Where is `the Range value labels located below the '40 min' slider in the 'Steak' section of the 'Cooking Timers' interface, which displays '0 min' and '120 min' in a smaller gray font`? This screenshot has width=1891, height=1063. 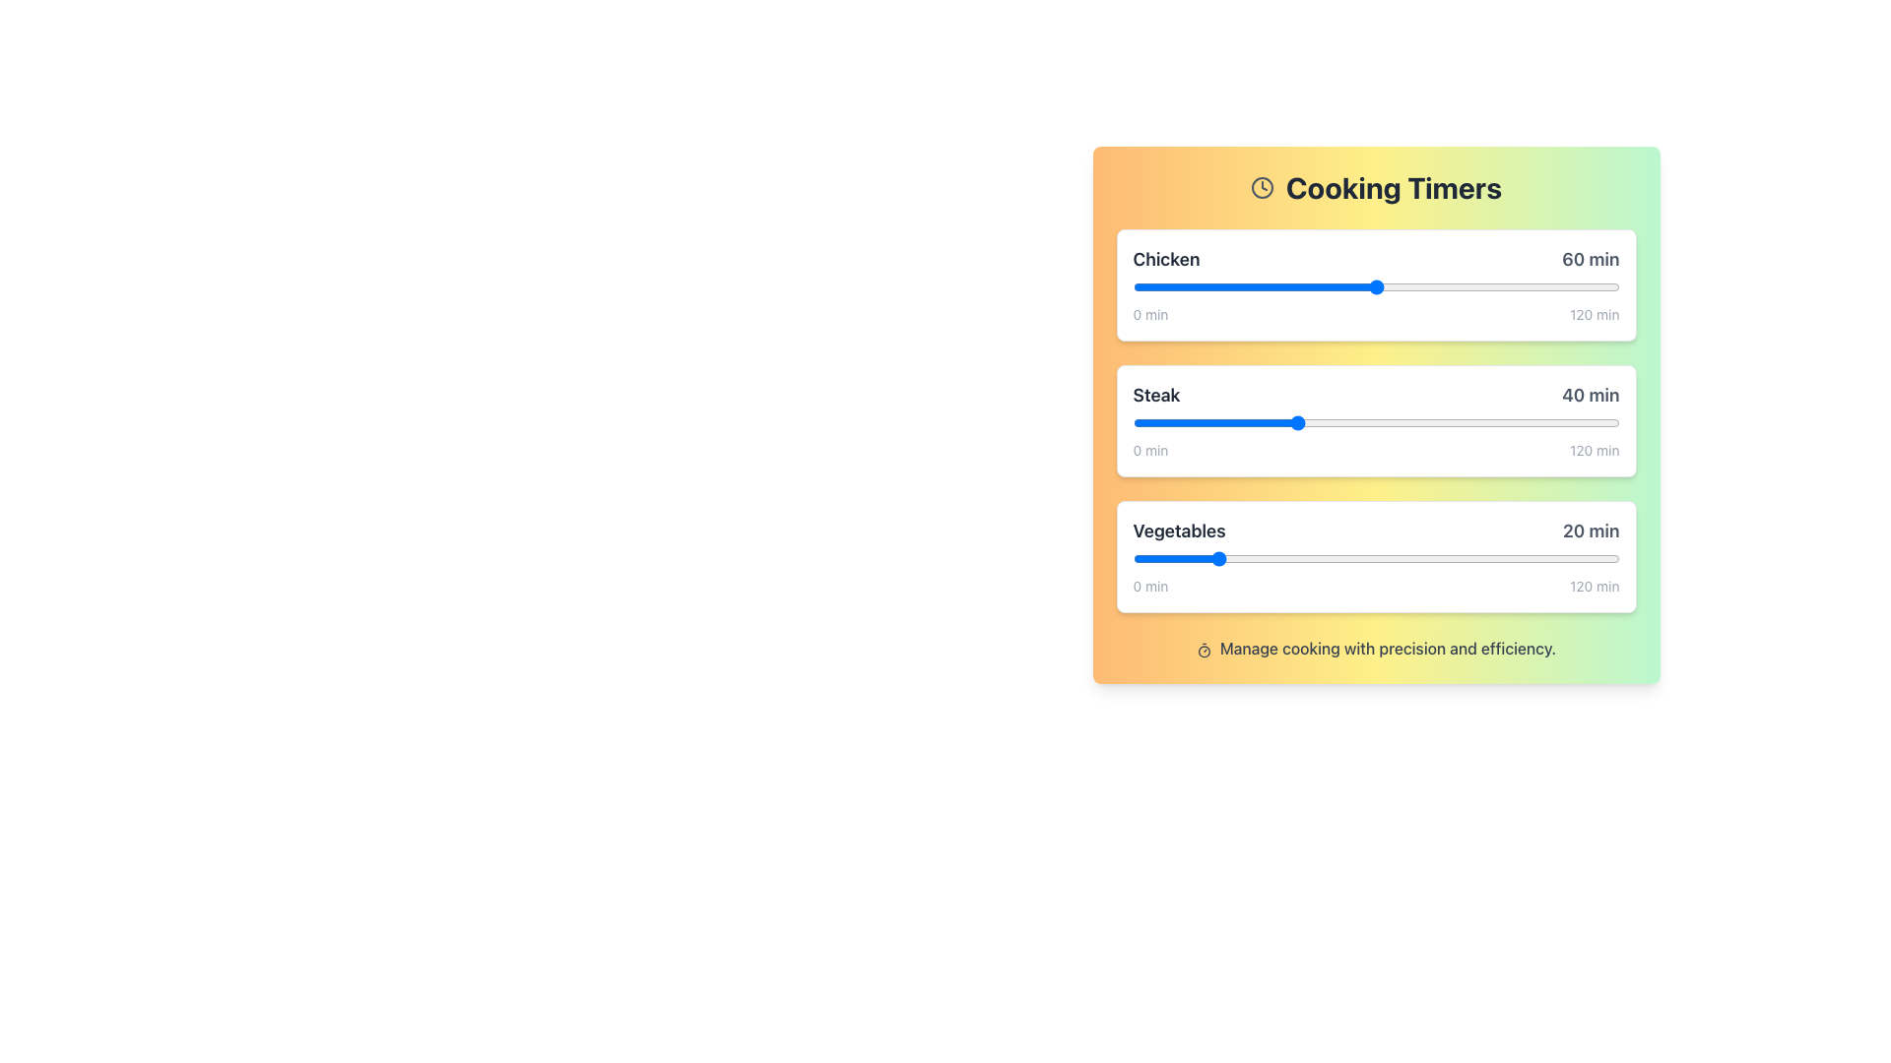
the Range value labels located below the '40 min' slider in the 'Steak' section of the 'Cooking Timers' interface, which displays '0 min' and '120 min' in a smaller gray font is located at coordinates (1375, 451).